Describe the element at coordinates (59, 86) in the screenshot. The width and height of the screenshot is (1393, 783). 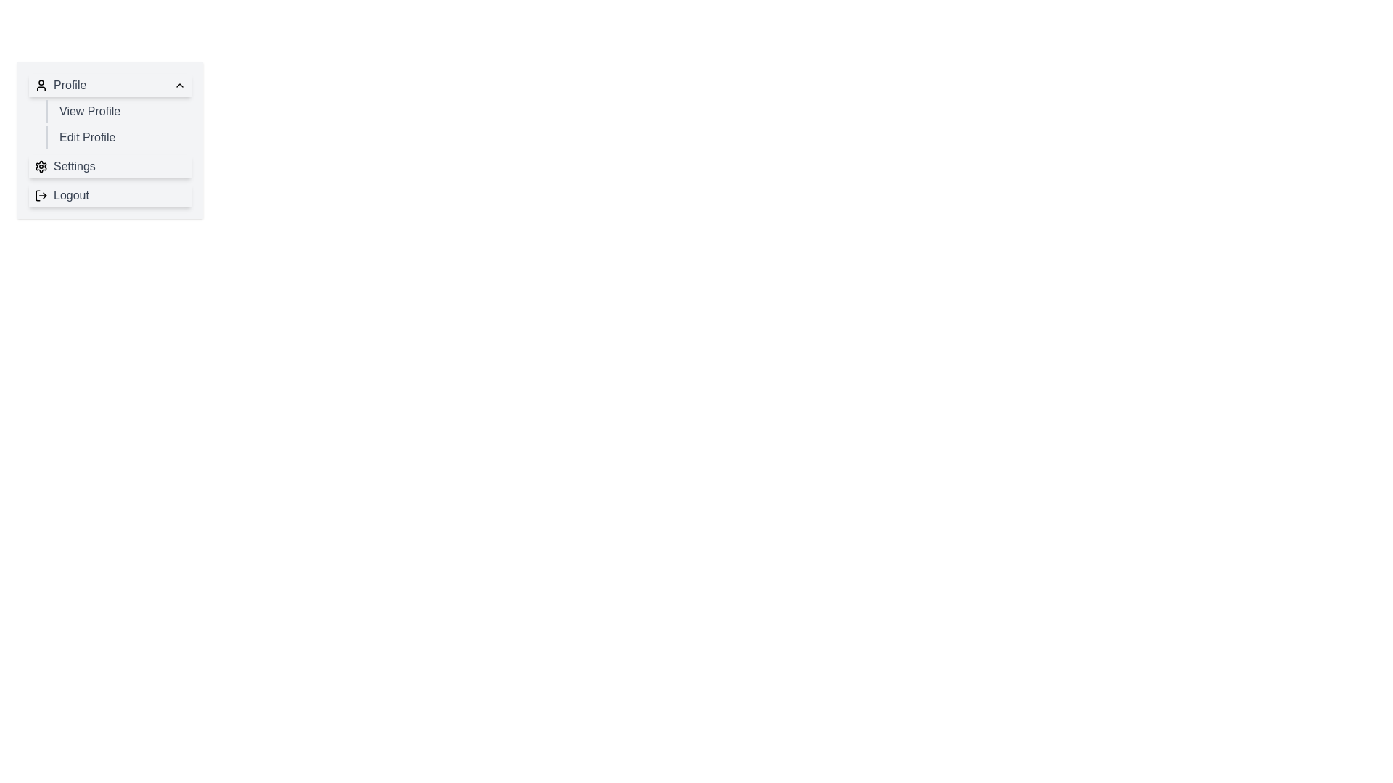
I see `the Text label that describes user-related menu options, located near the upper part of a dropdown list and aligned with the user icon` at that location.